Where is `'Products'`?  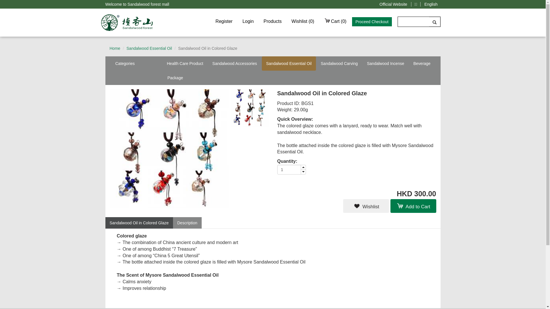 'Products' is located at coordinates (272, 21).